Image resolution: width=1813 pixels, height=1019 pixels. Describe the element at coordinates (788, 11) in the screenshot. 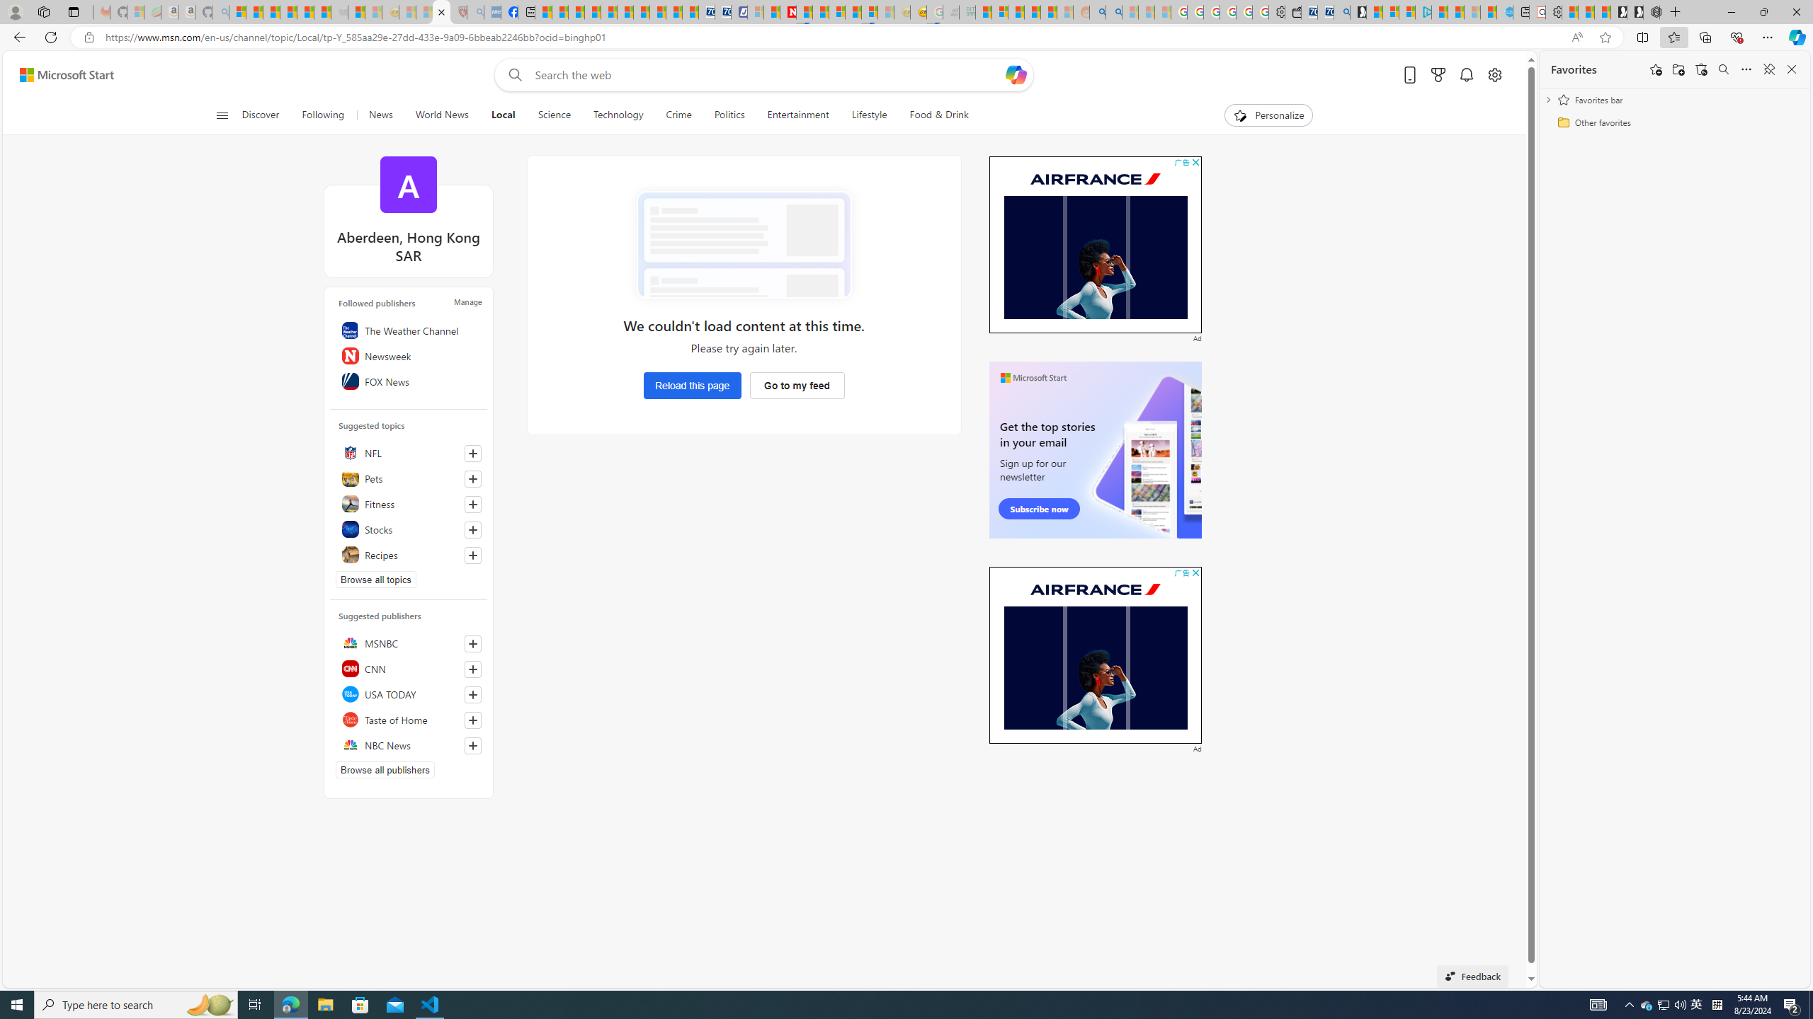

I see `'Latest Politics News & Archive | Newsweek.com'` at that location.